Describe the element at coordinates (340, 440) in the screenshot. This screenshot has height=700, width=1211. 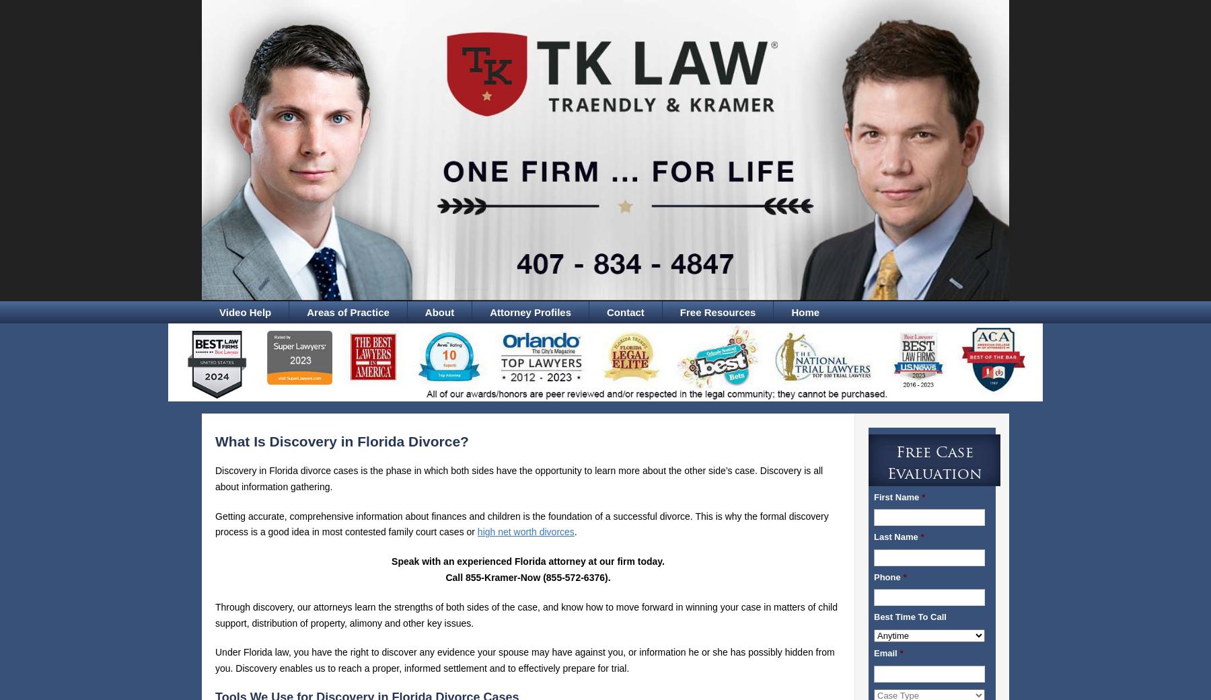
I see `'What Is Discovery in Florida Divorce?'` at that location.